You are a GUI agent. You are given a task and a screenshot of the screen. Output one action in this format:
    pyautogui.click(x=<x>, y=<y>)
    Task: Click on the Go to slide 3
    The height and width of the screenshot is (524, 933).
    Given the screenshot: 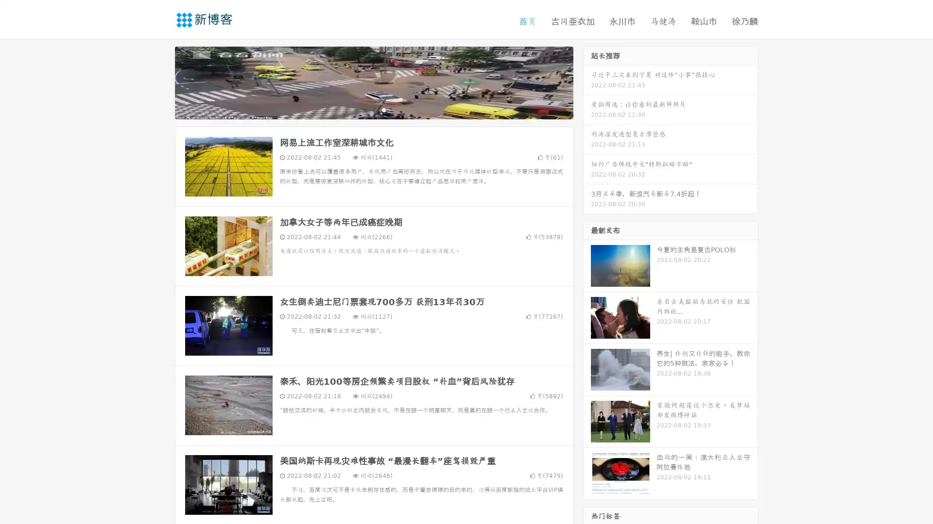 What is the action you would take?
    pyautogui.click(x=383, y=109)
    